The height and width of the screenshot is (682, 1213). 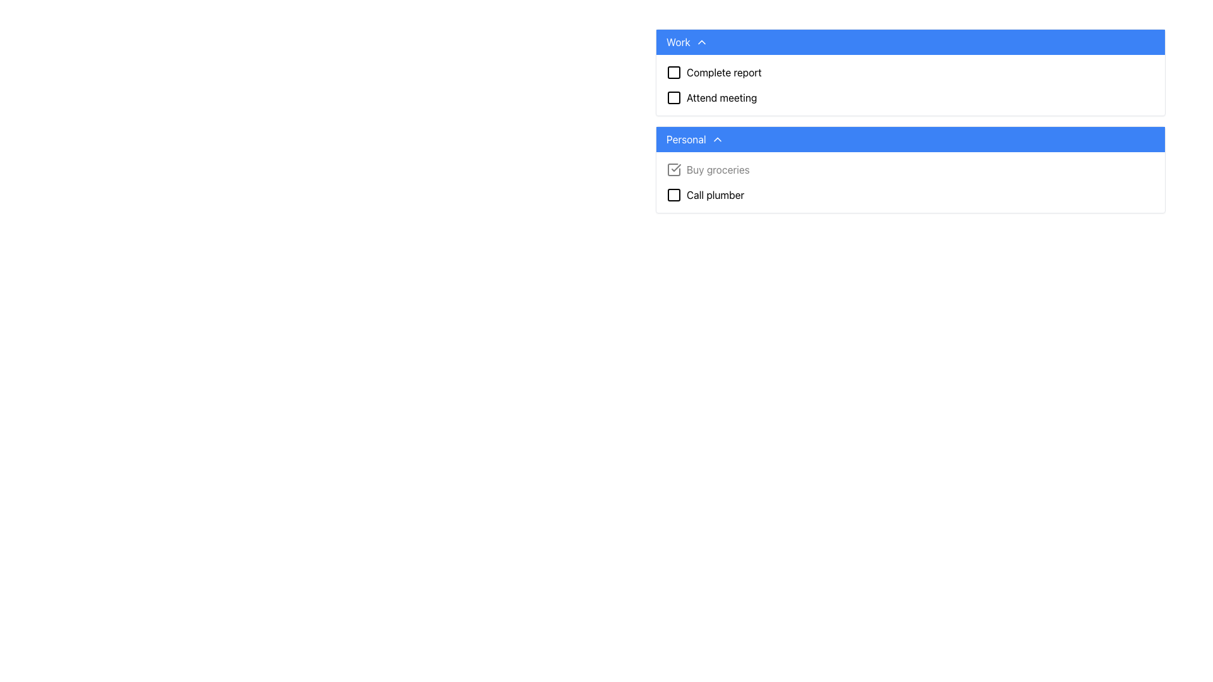 I want to click on the checkbox located to the left of the 'Complete report' text in the 'Work' section, so click(x=673, y=73).